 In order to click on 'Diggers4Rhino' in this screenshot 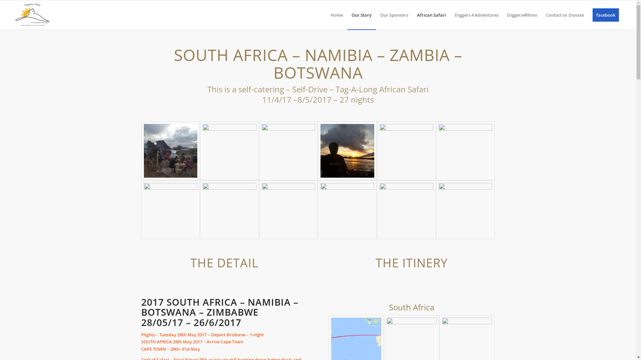, I will do `click(522, 15)`.